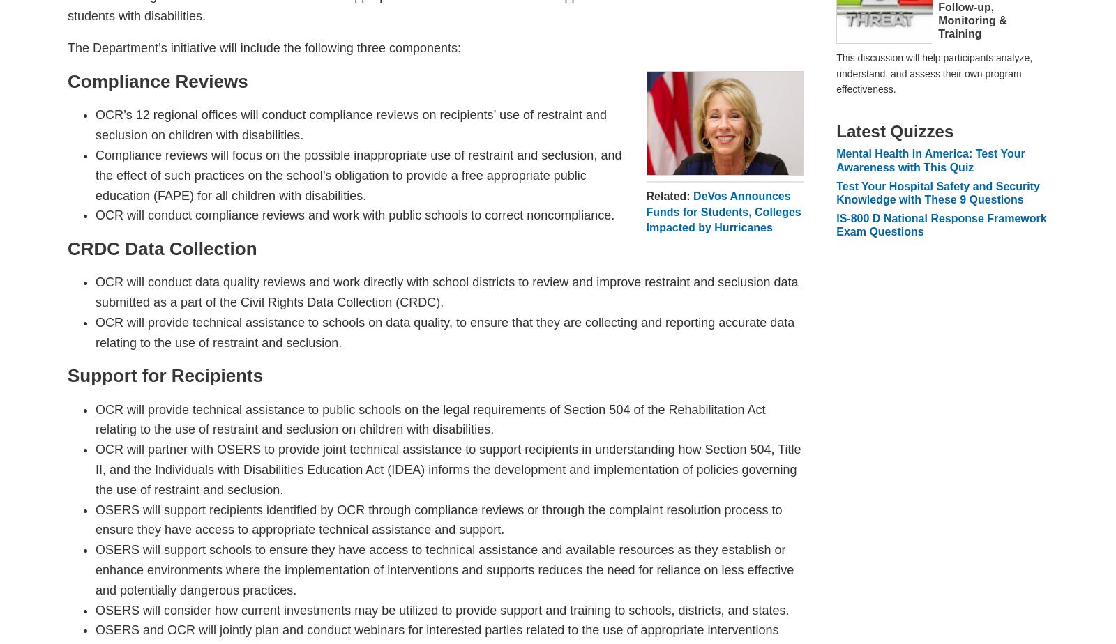  I want to click on 'Support for Recipients', so click(165, 375).